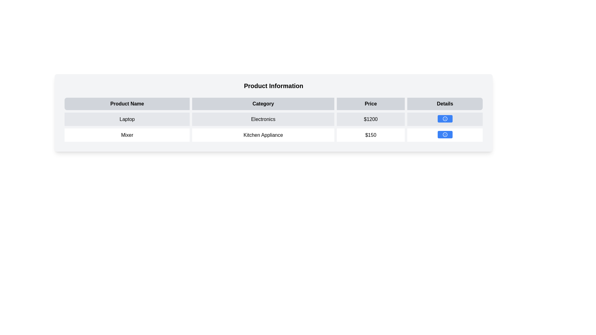 The height and width of the screenshot is (335, 596). Describe the element at coordinates (445, 135) in the screenshot. I see `the blue button with a white circular icon in the 'Details' column of the 'Mixer' product row` at that location.